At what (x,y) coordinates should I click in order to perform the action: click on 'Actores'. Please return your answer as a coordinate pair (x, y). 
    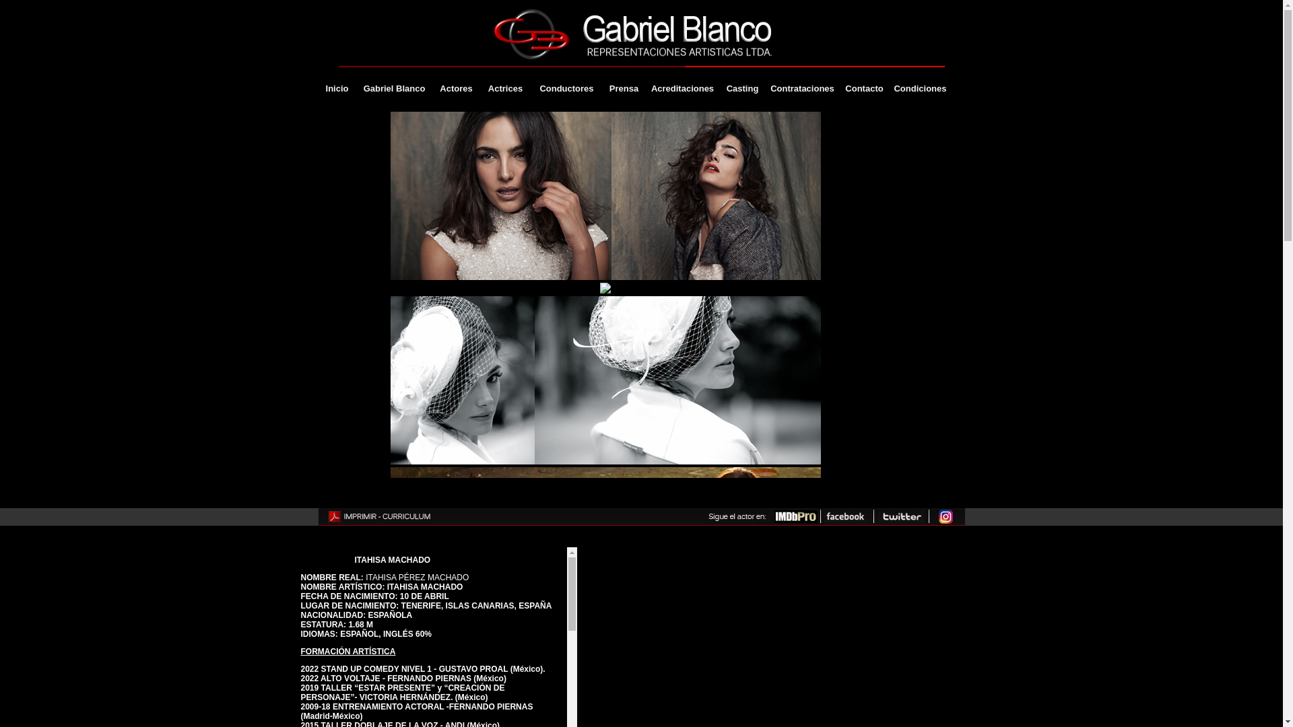
    Looking at the image, I should click on (455, 88).